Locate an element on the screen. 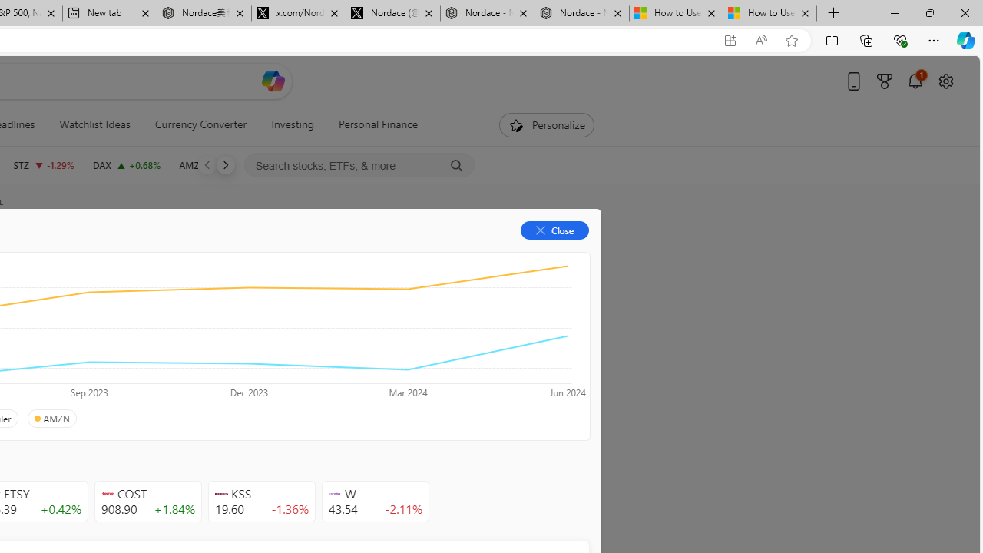  'STZ CONSTELLATION BRANDS, INC. decrease 239.98 -3.13 -1.29%' is located at coordinates (43, 164).